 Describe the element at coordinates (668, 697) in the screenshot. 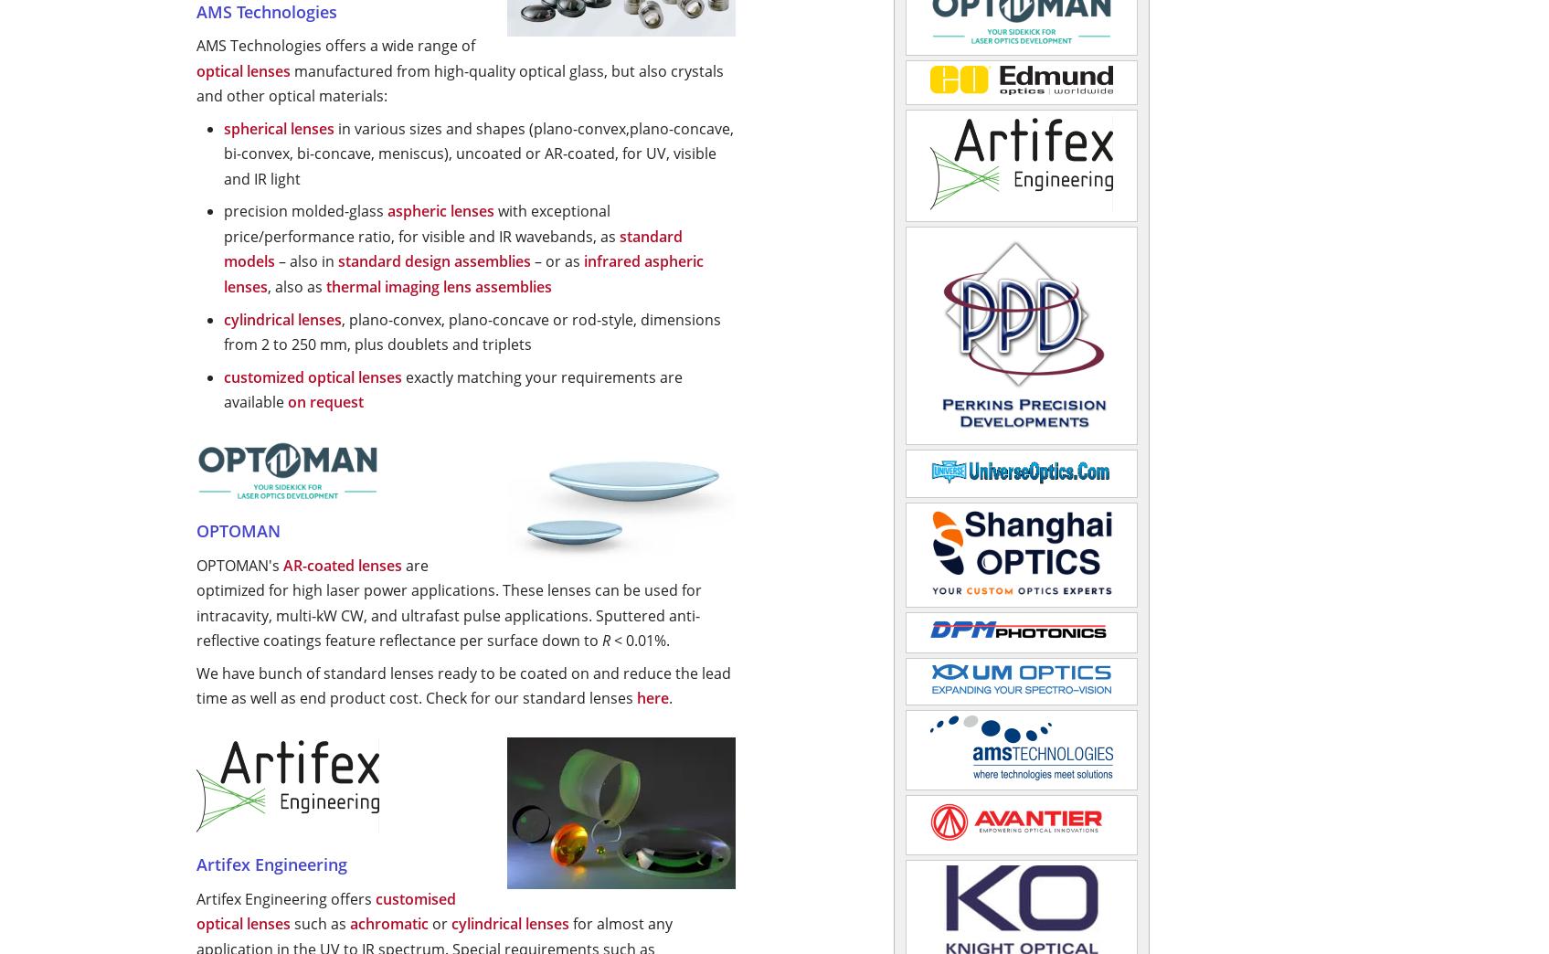

I see `'.'` at that location.